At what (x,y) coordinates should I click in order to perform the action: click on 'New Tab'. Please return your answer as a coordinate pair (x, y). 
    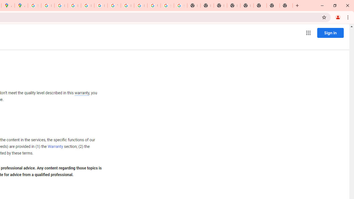
    Looking at the image, I should click on (273, 6).